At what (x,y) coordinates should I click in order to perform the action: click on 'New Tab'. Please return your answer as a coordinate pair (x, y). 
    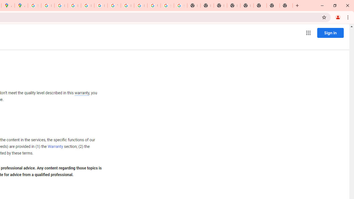
    Looking at the image, I should click on (273, 6).